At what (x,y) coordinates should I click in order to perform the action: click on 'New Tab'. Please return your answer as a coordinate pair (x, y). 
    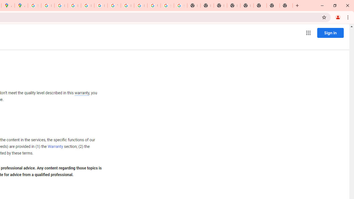
    Looking at the image, I should click on (273, 6).